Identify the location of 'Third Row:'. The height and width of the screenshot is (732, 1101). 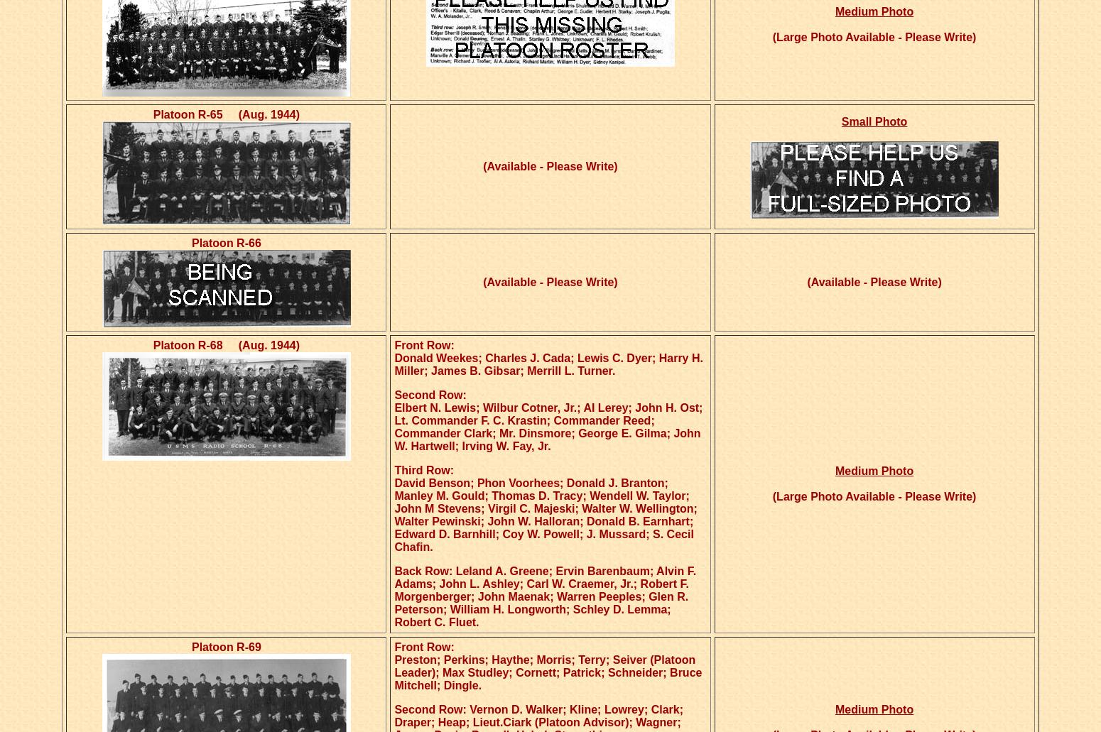
(423, 470).